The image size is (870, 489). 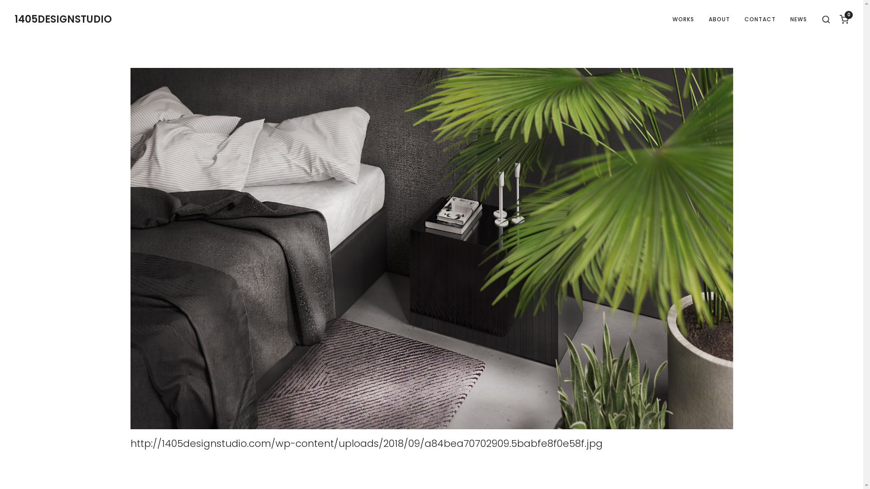 What do you see at coordinates (744, 19) in the screenshot?
I see `'CONTACT'` at bounding box center [744, 19].